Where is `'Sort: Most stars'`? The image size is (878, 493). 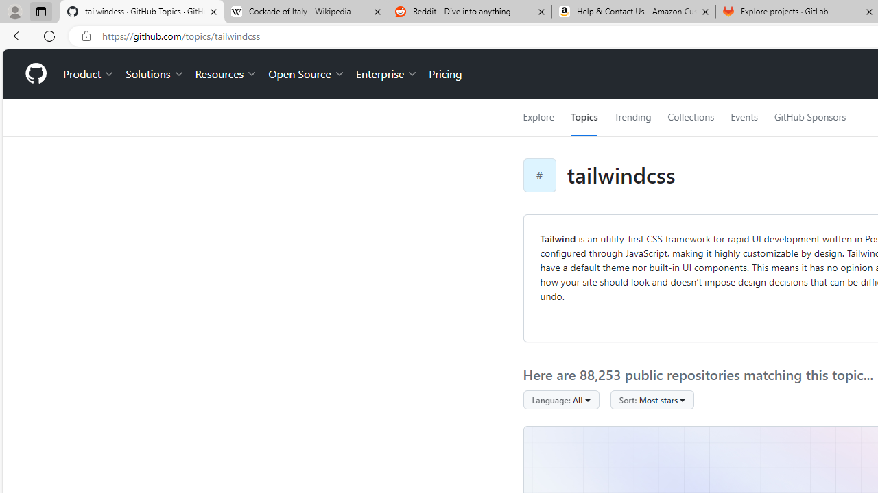
'Sort: Most stars' is located at coordinates (652, 400).